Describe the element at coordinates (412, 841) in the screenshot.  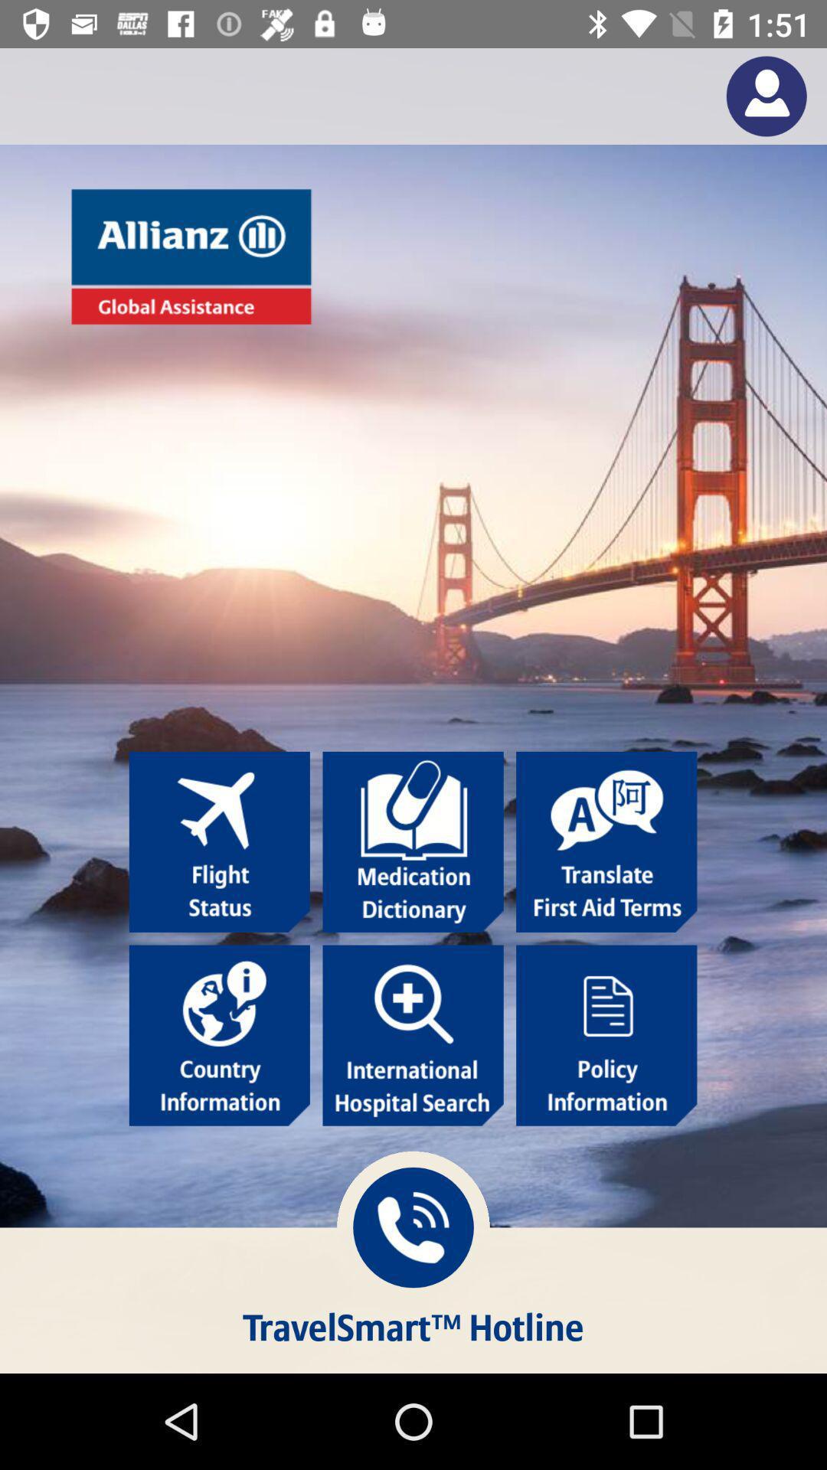
I see `medication dictionary` at that location.